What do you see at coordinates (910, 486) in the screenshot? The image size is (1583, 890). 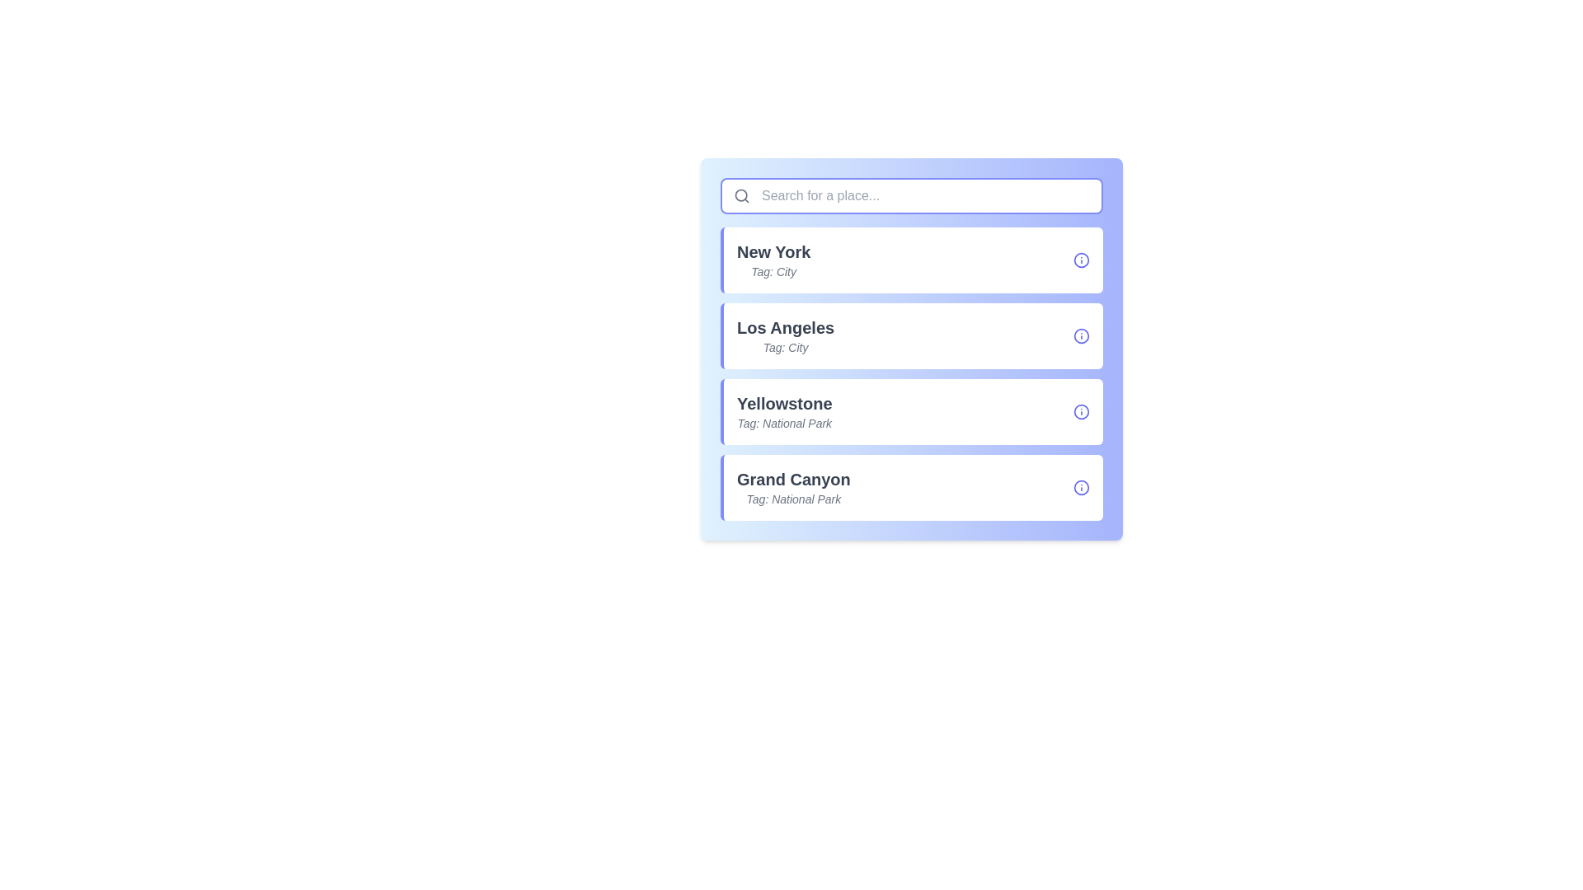 I see `the 'Grand Canyon' card, which is the fourth card in a vertical list of similar cards` at bounding box center [910, 486].